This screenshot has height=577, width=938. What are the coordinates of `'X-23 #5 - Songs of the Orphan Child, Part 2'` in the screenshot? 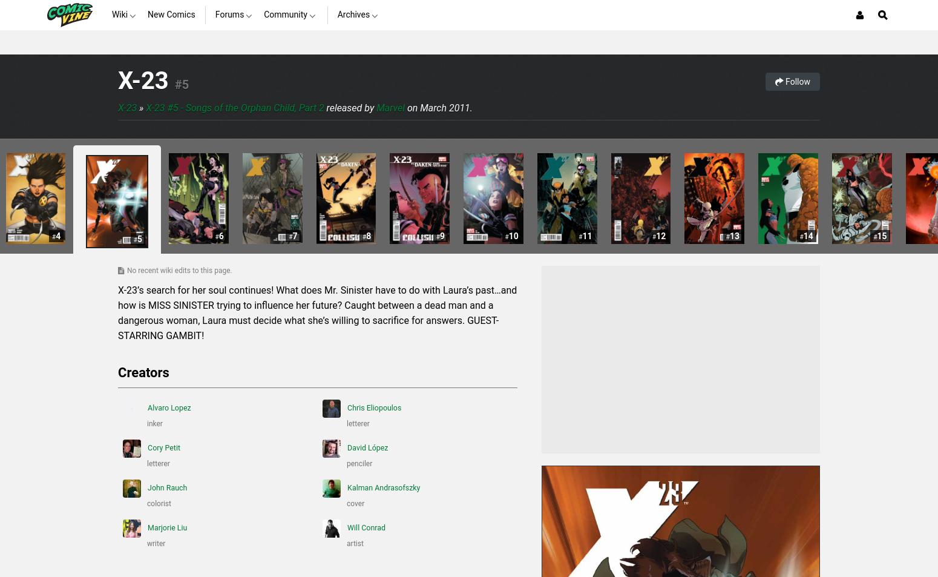 It's located at (234, 107).